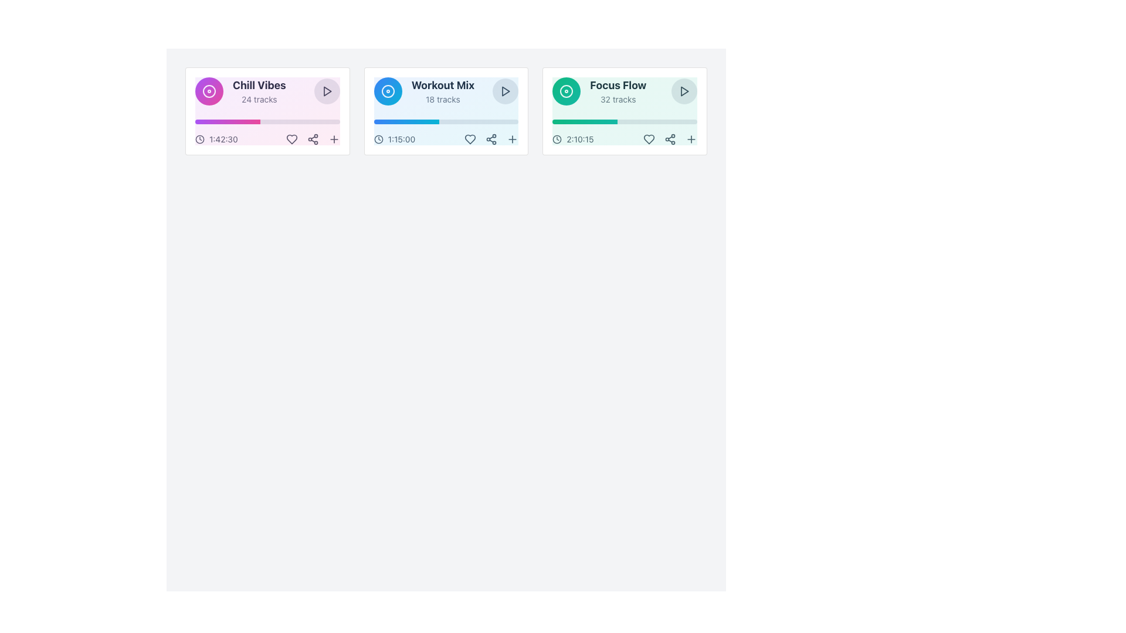  Describe the element at coordinates (557, 139) in the screenshot. I see `the time icon located to the left of the text '2:10:15' within the 'Focus Flow' card in the rightmost column of the interface` at that location.